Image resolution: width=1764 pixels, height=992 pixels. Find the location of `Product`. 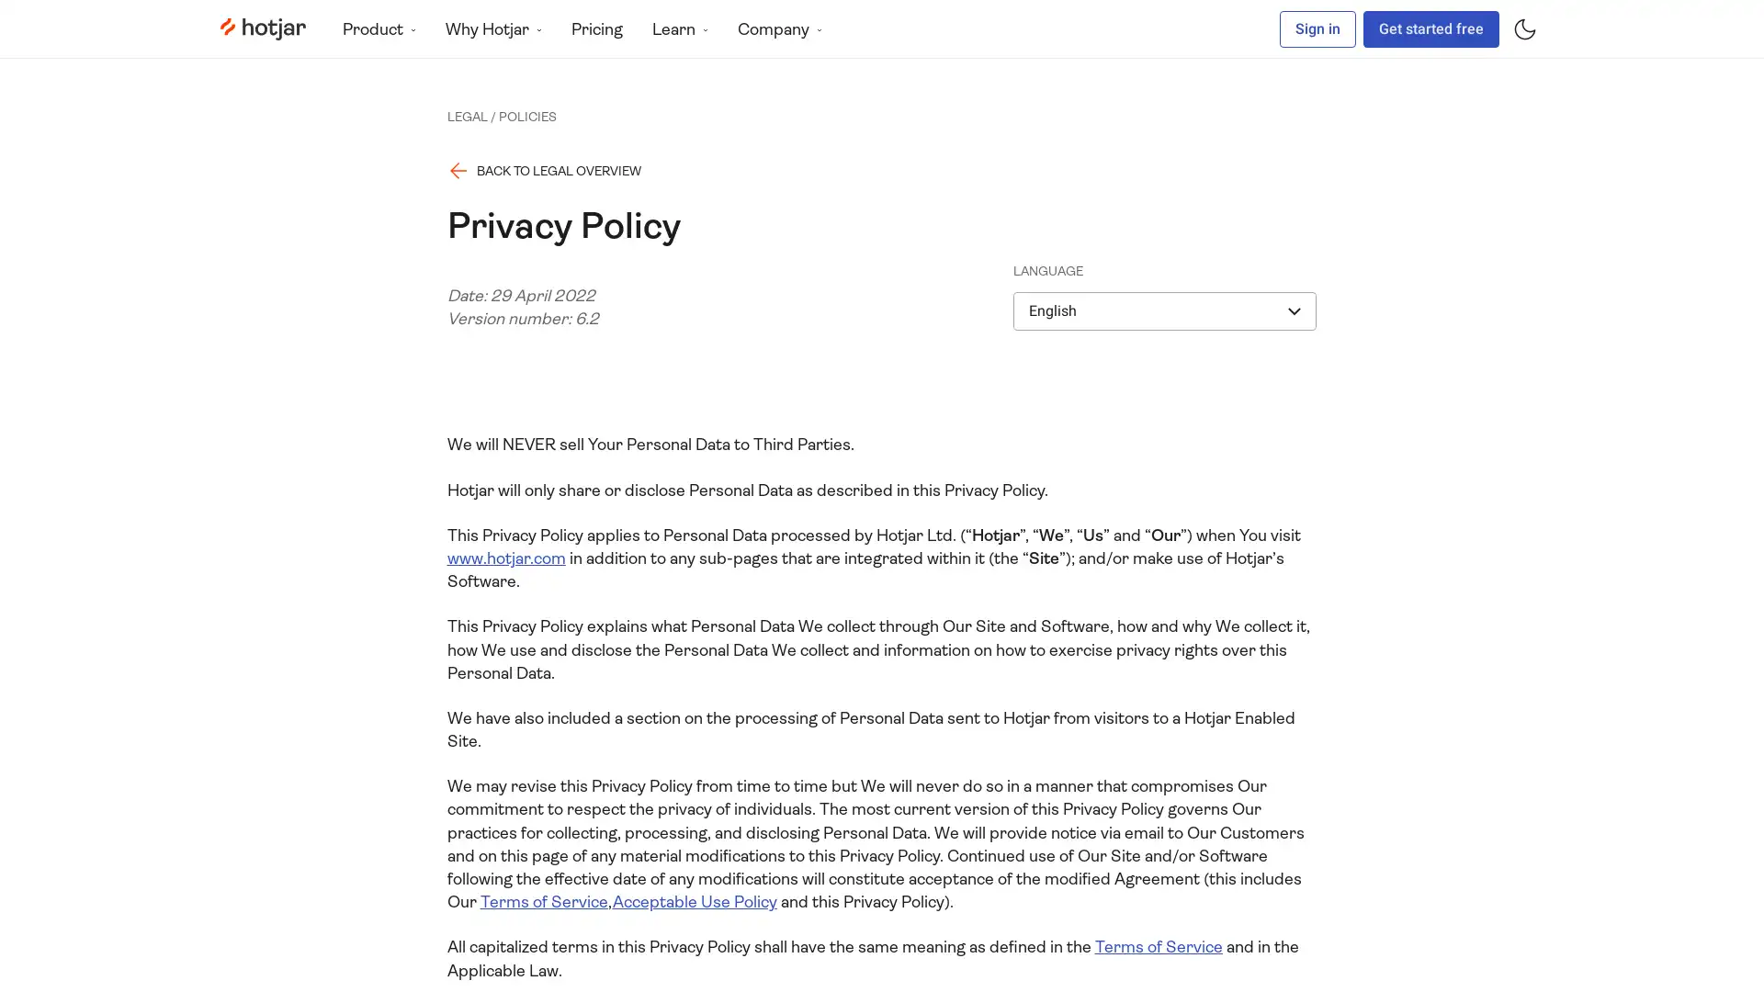

Product is located at coordinates (378, 28).